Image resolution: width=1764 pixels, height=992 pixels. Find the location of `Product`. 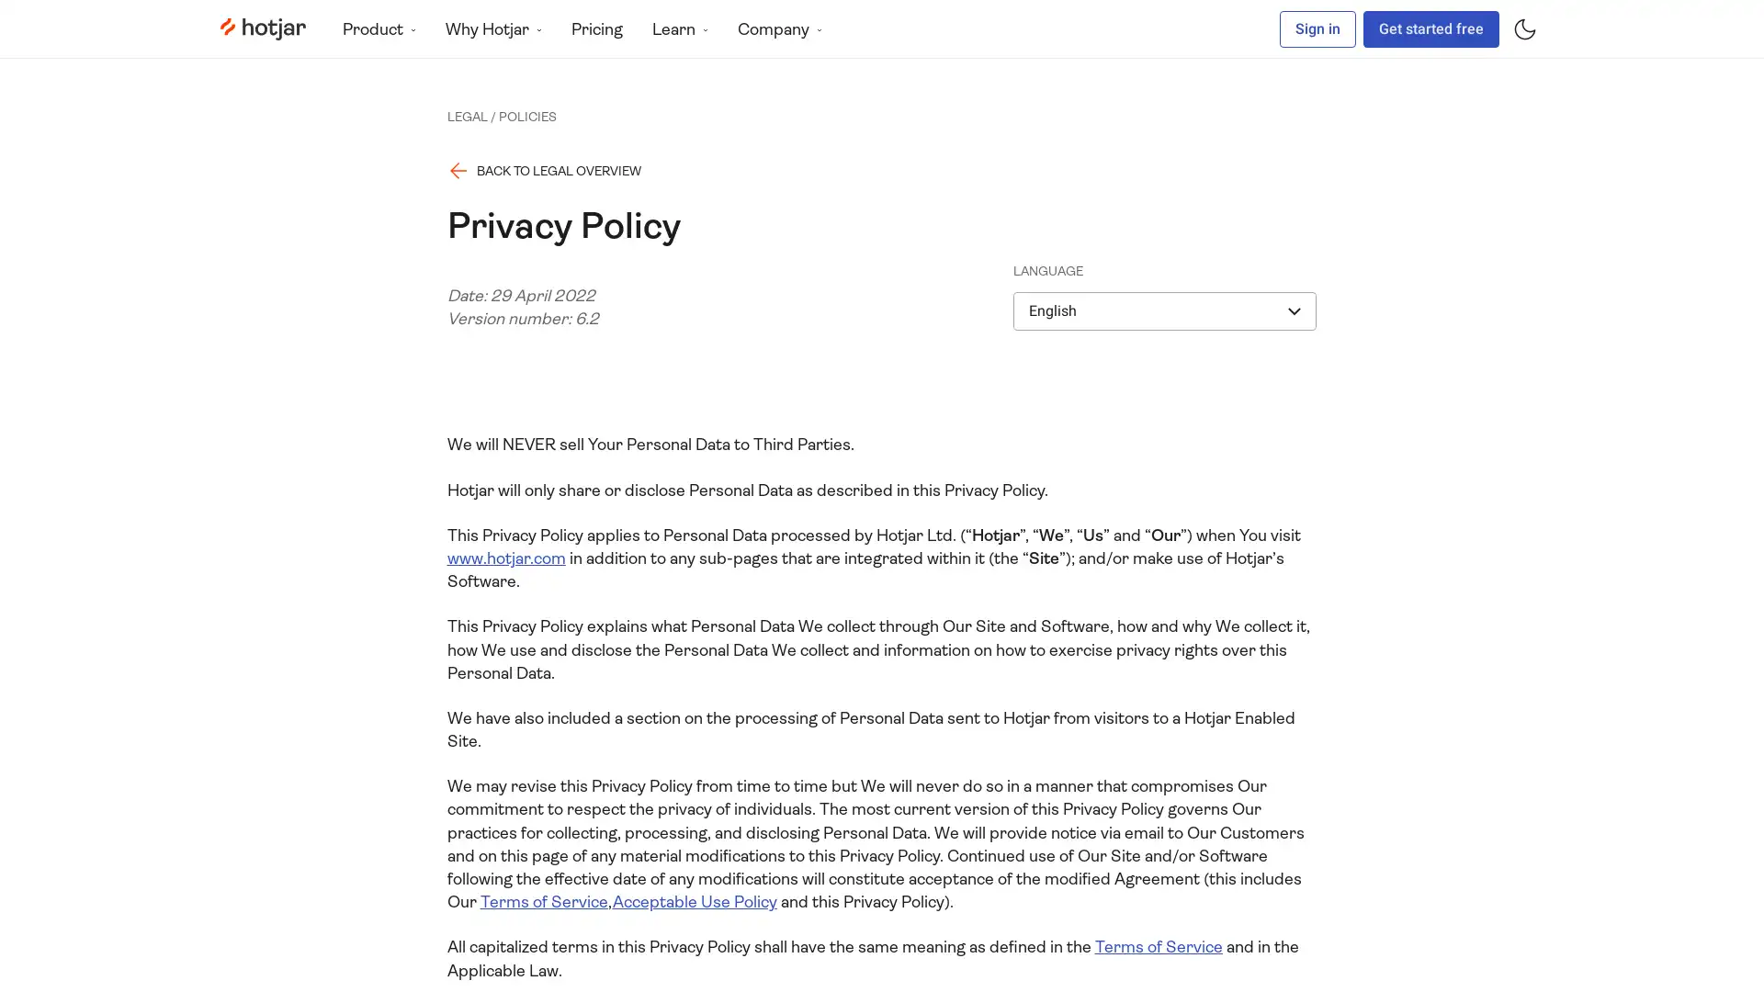

Product is located at coordinates (378, 28).